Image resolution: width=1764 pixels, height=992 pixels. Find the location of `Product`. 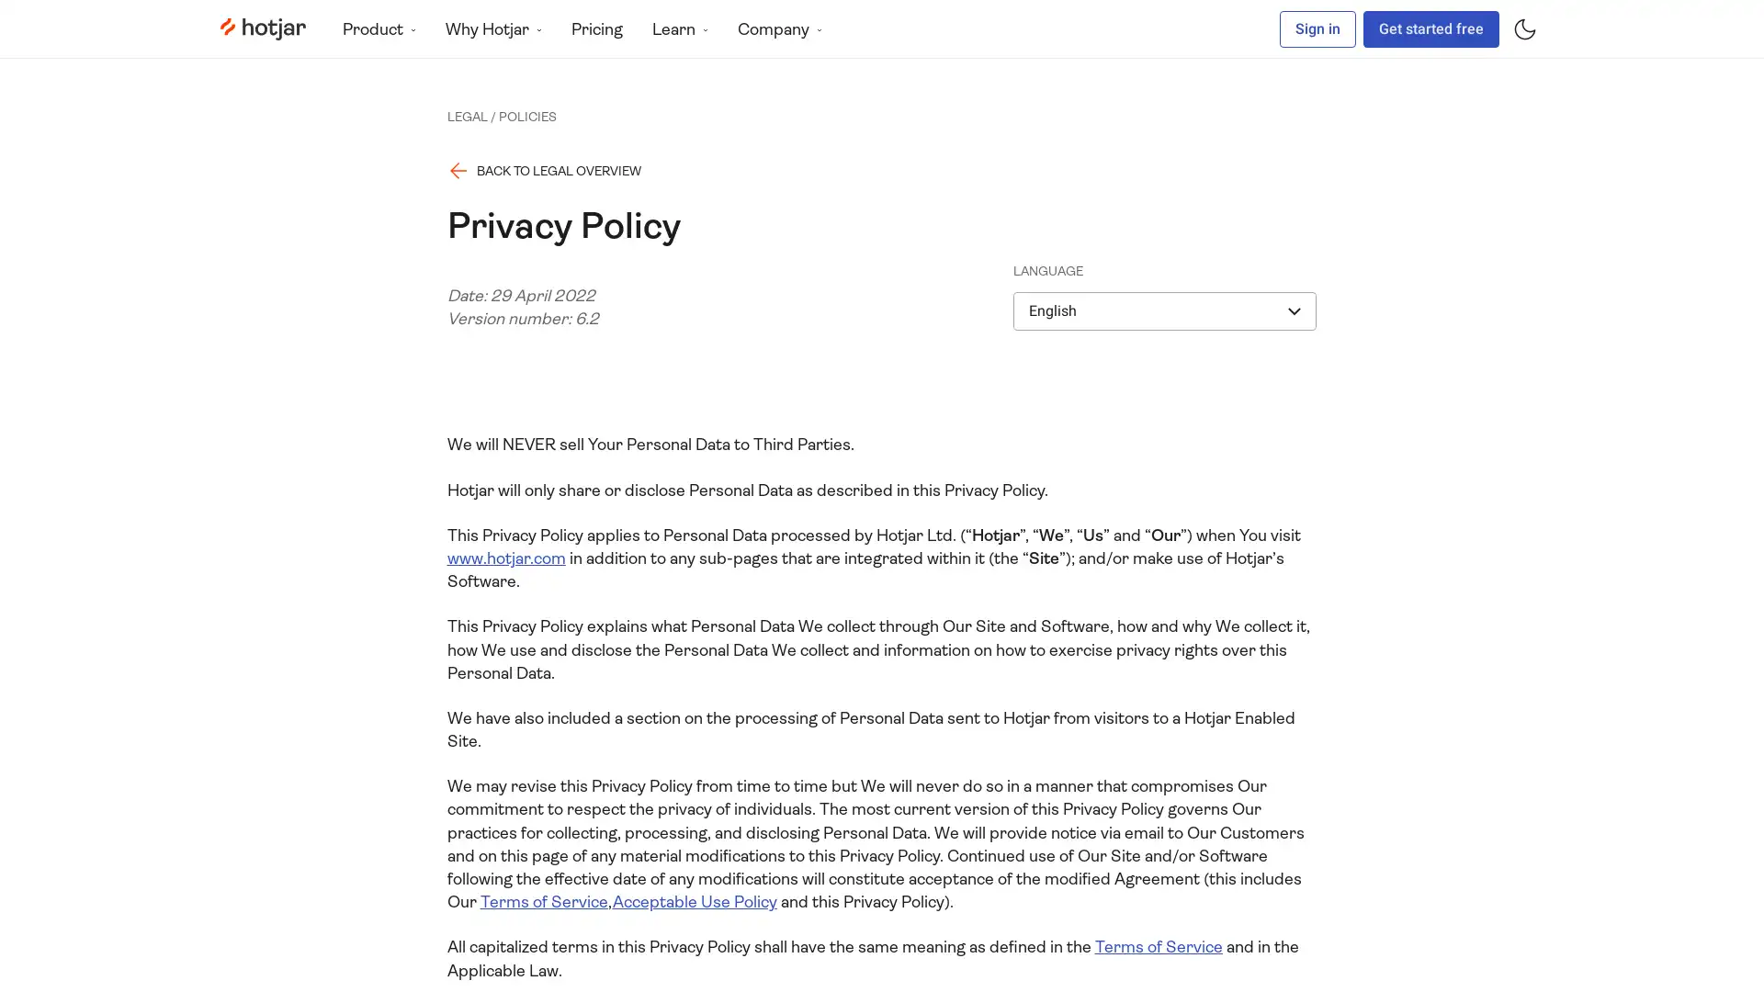

Product is located at coordinates (378, 28).